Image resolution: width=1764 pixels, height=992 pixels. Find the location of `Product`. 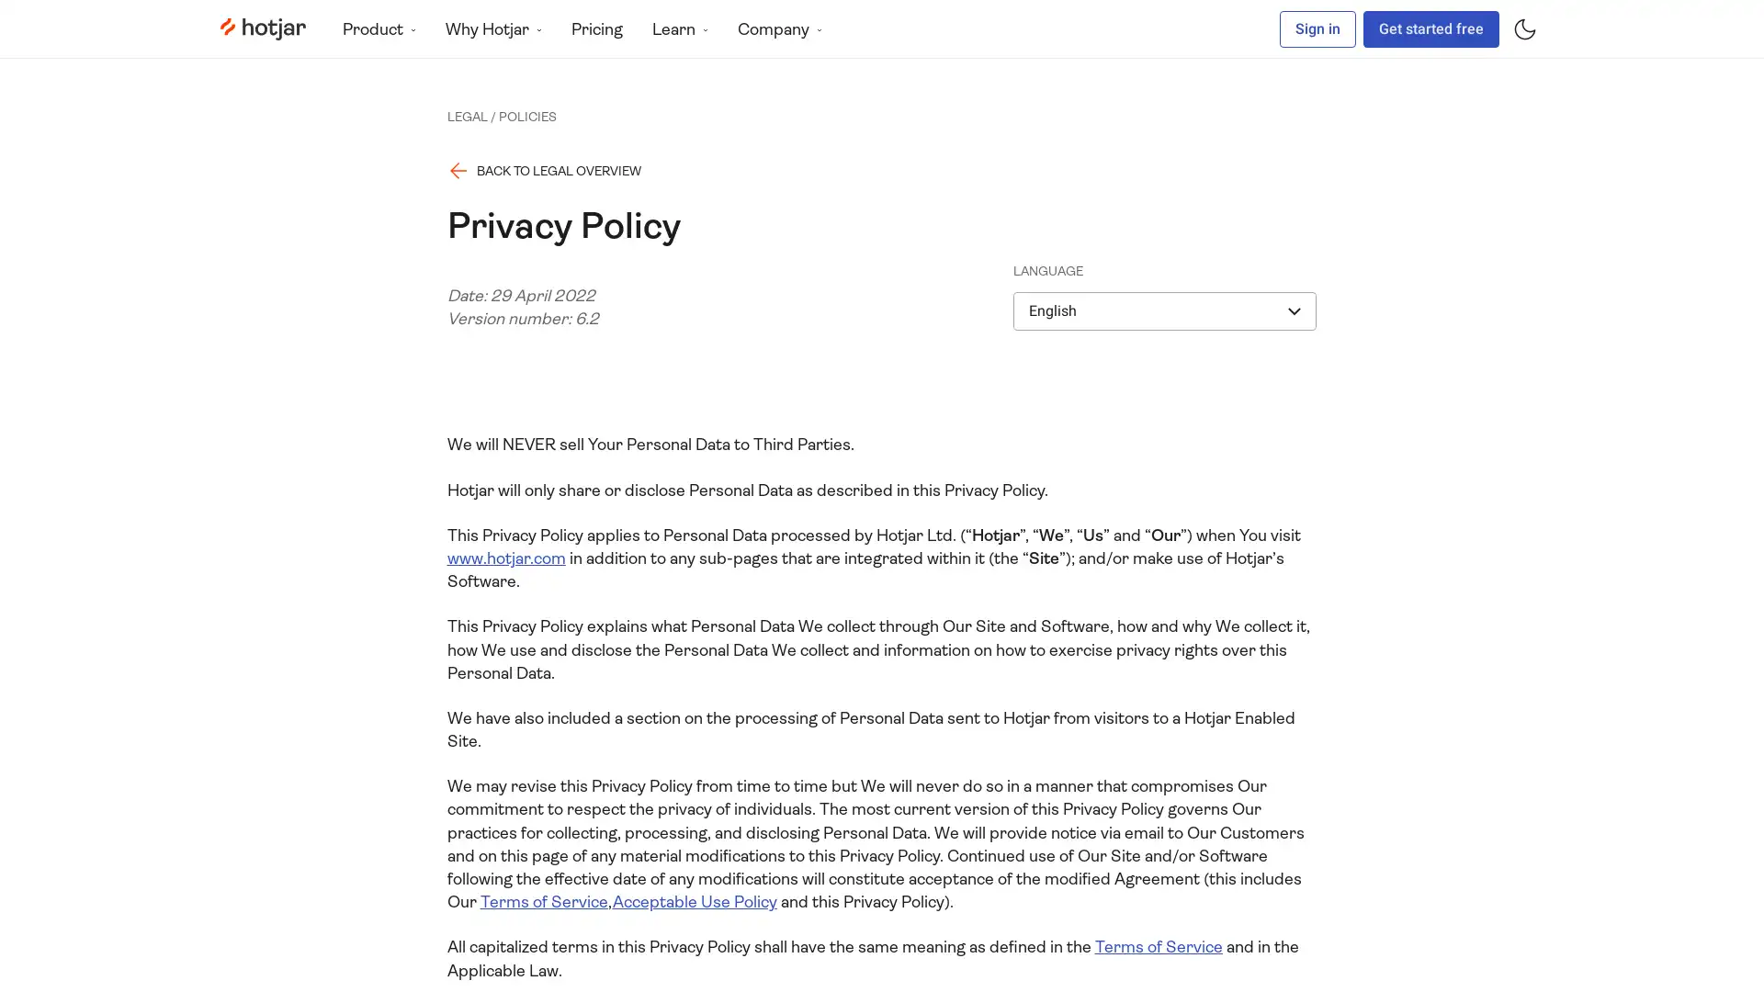

Product is located at coordinates (378, 28).